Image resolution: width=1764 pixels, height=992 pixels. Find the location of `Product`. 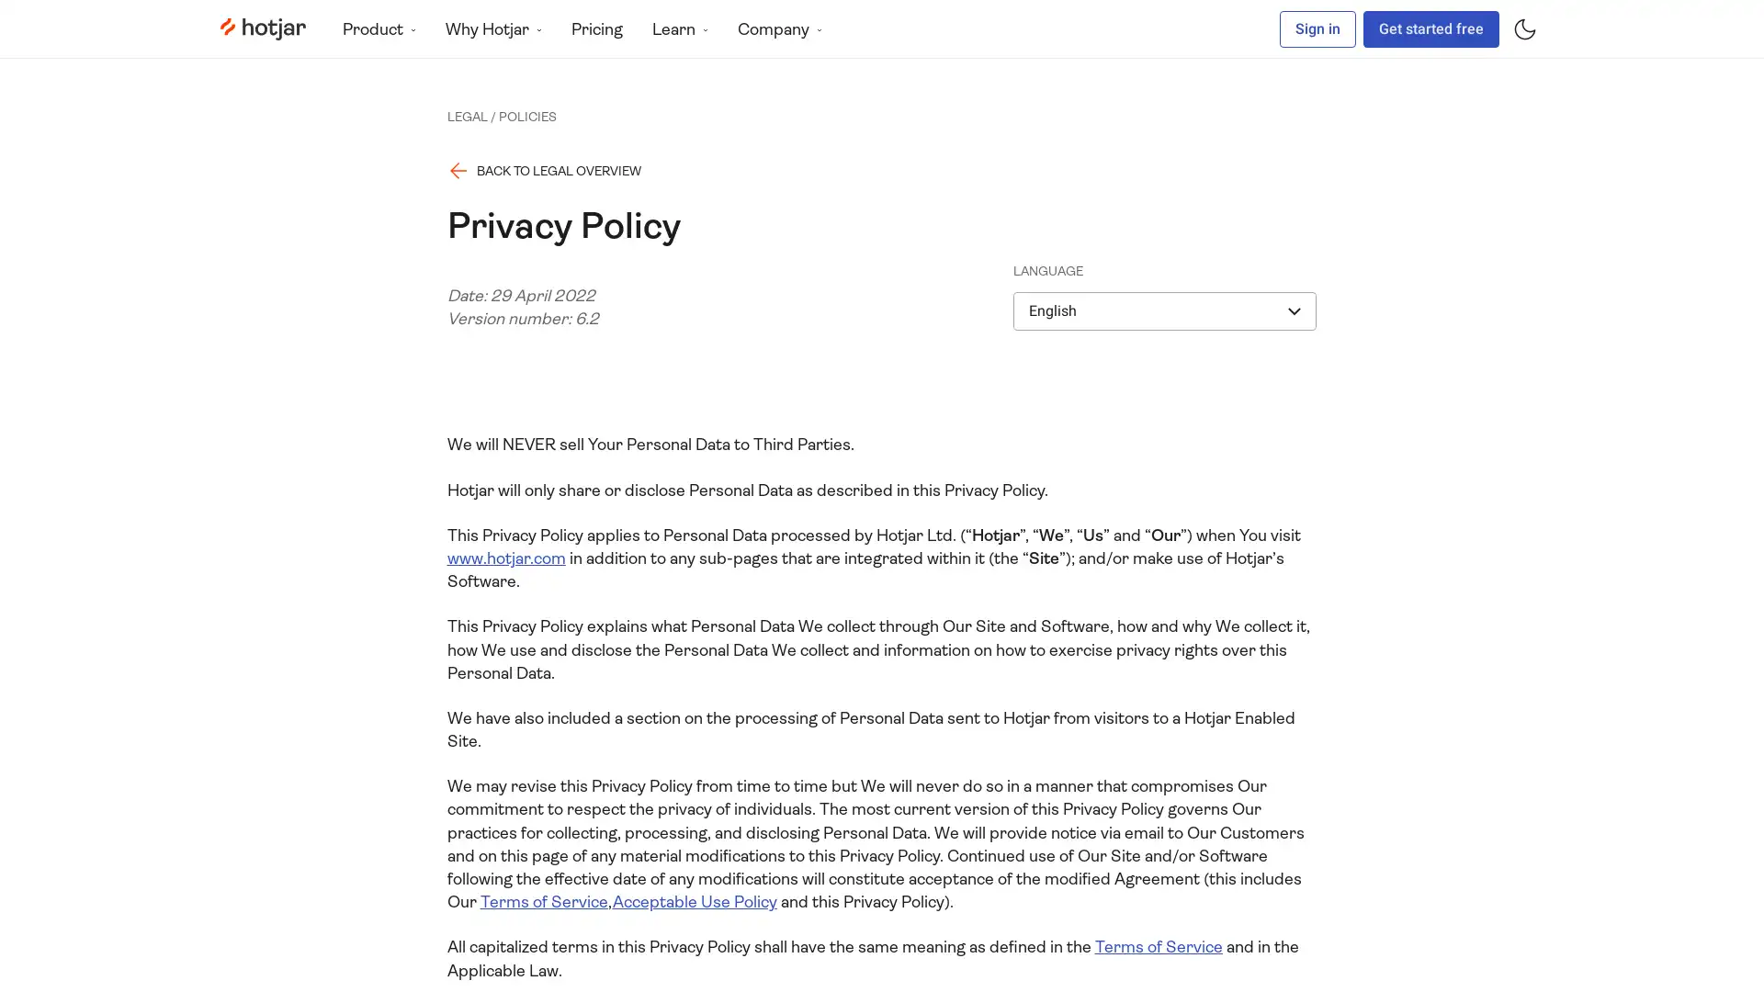

Product is located at coordinates (378, 28).